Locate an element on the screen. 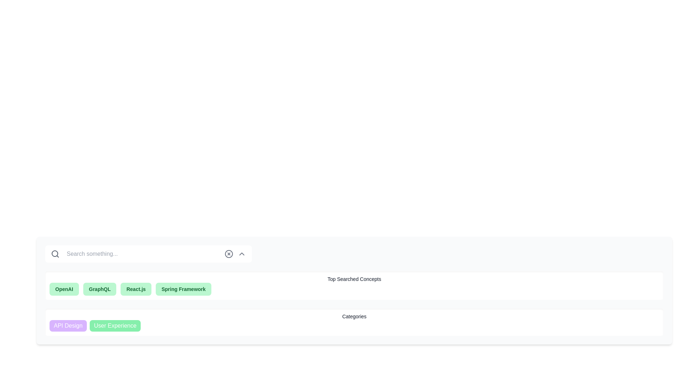 Image resolution: width=689 pixels, height=388 pixels. the magnifying glass icon located at the far left of the search input field to initiate the search is located at coordinates (55, 253).